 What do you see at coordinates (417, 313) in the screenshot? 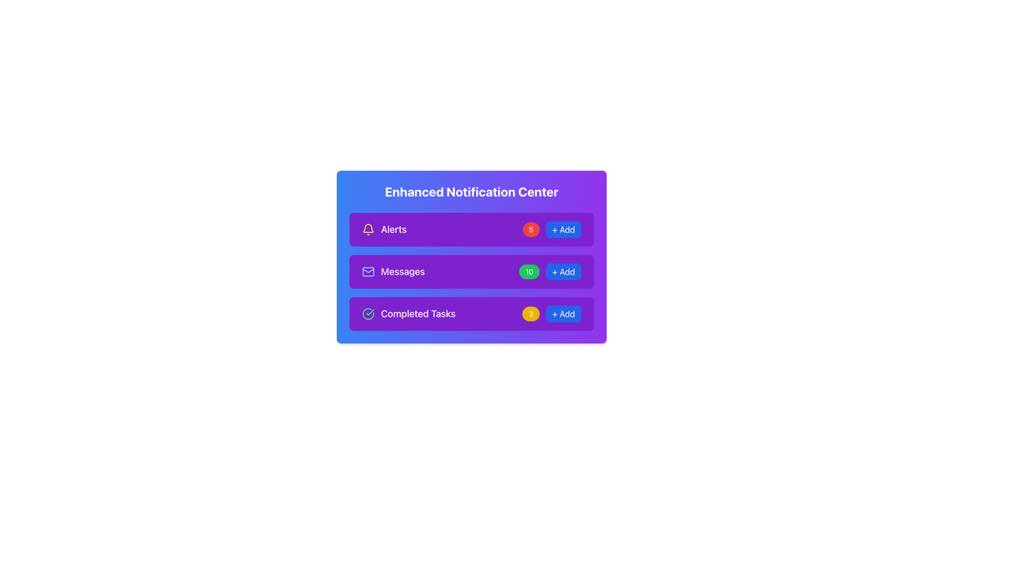
I see `the 'Completed Tasks' text label, which is displayed in a bold, medium-sized font and is part of the notification categories in the Enhanced Notification Center` at bounding box center [417, 313].